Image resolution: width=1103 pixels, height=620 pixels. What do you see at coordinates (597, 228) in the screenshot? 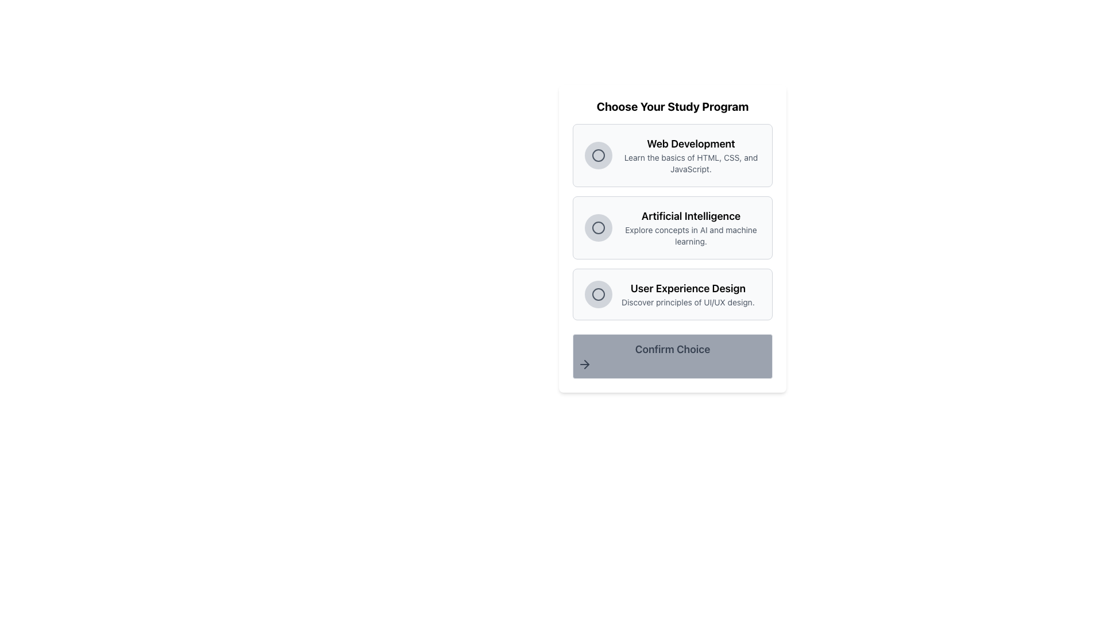
I see `the radio button` at bounding box center [597, 228].